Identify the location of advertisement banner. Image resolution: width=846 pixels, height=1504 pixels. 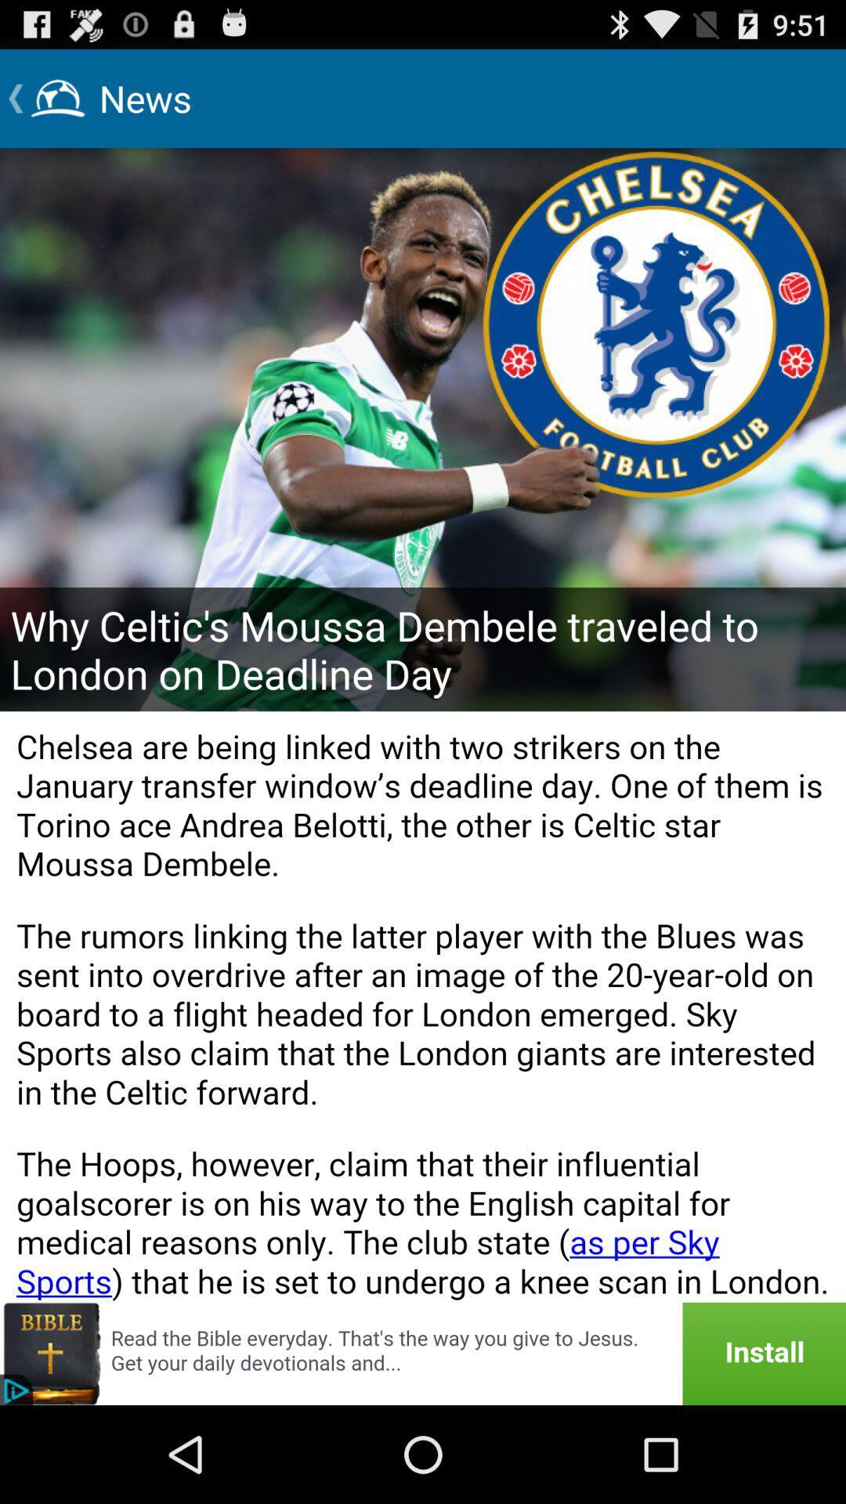
(423, 1353).